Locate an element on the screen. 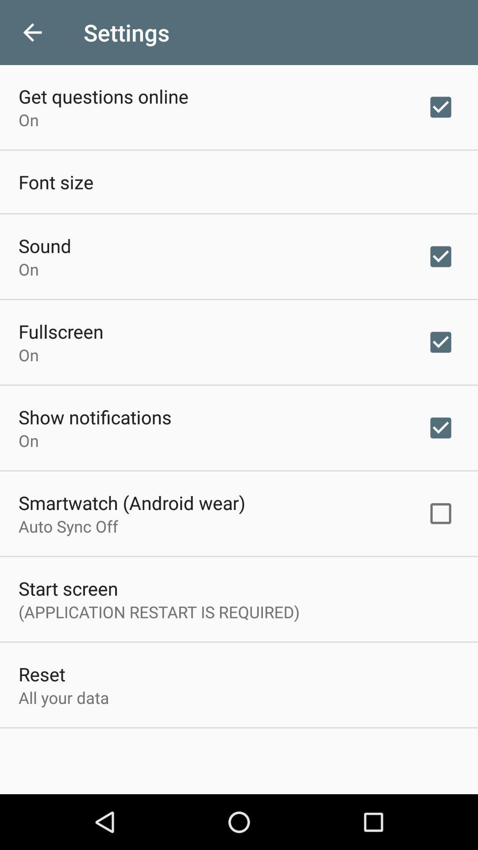  all your data item is located at coordinates (63, 697).